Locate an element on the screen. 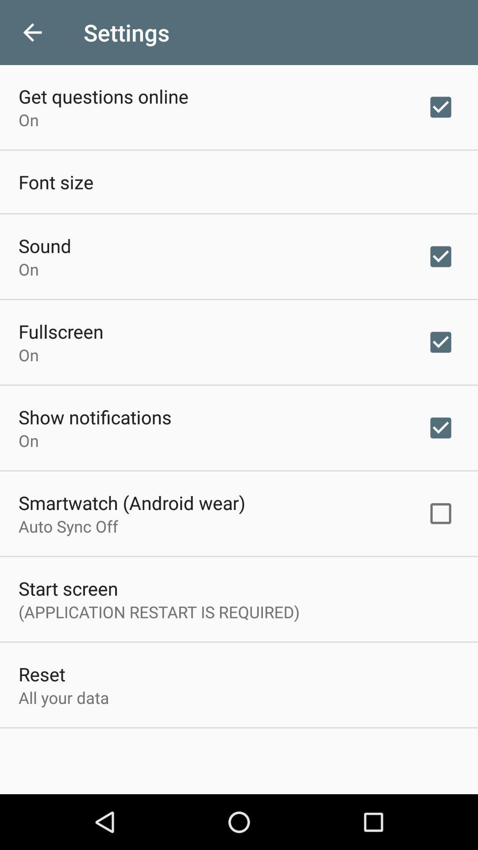  all your data item is located at coordinates (63, 697).